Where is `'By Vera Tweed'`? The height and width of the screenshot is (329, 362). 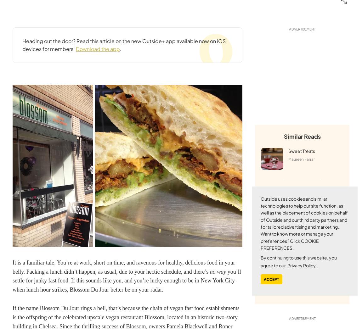
'By Vera Tweed' is located at coordinates (301, 290).